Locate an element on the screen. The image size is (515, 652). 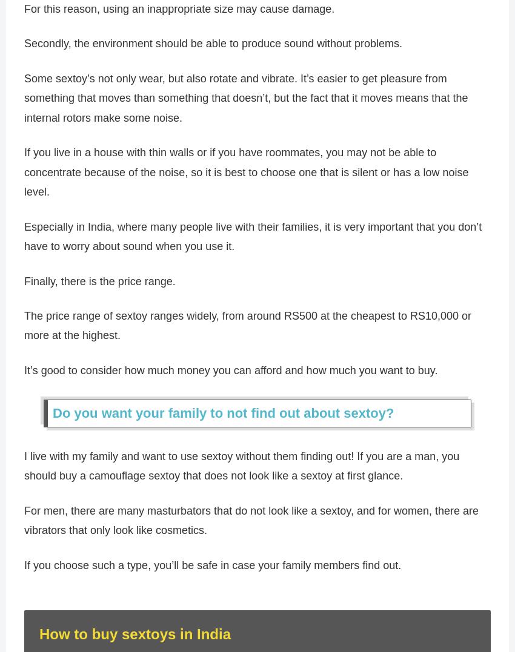
'Finally, there is the price range.' is located at coordinates (99, 286).